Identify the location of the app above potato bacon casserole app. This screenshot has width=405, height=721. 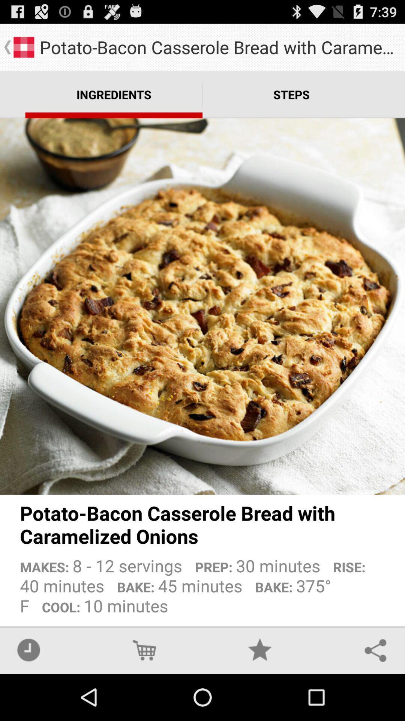
(202, 306).